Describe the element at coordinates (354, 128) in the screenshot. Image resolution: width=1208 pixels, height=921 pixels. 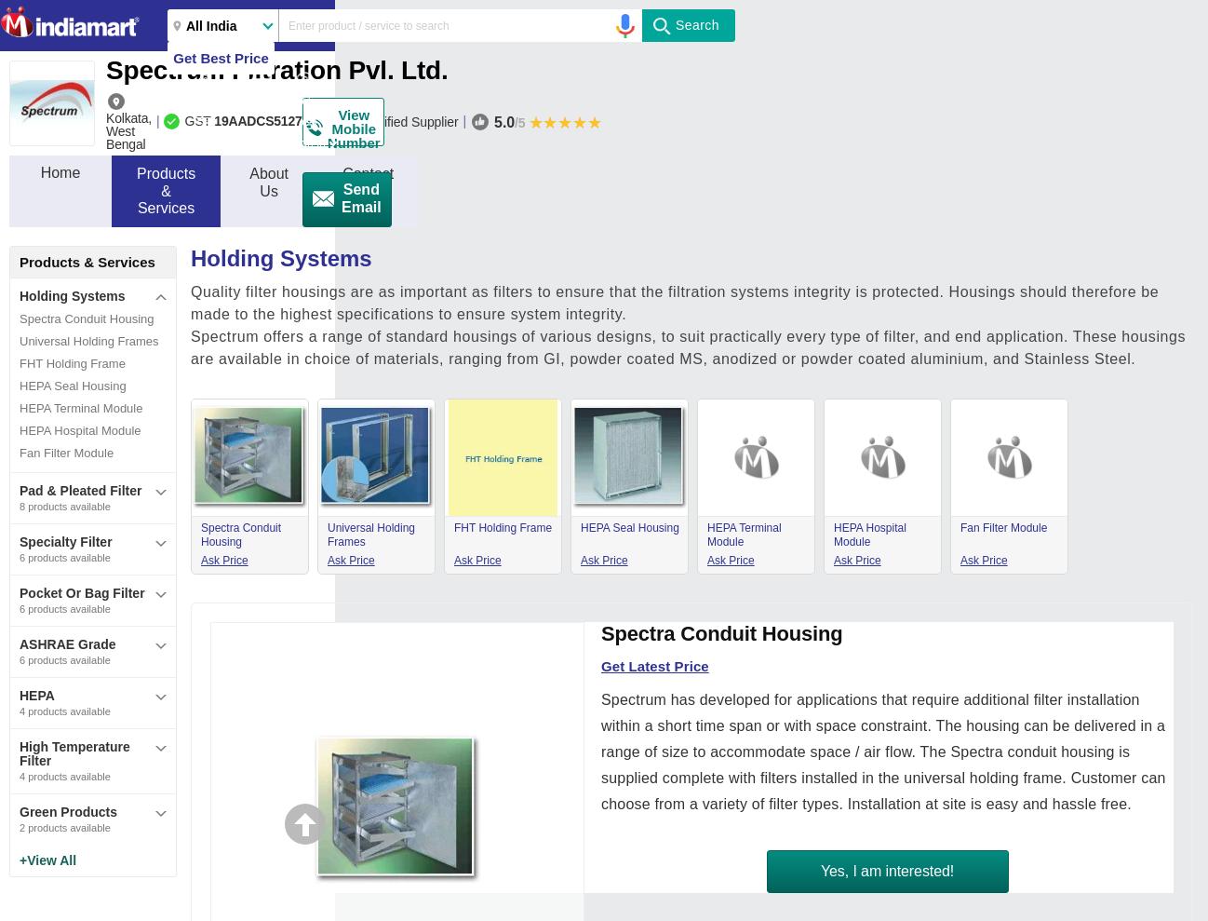
I see `'View Mobile Number'` at that location.